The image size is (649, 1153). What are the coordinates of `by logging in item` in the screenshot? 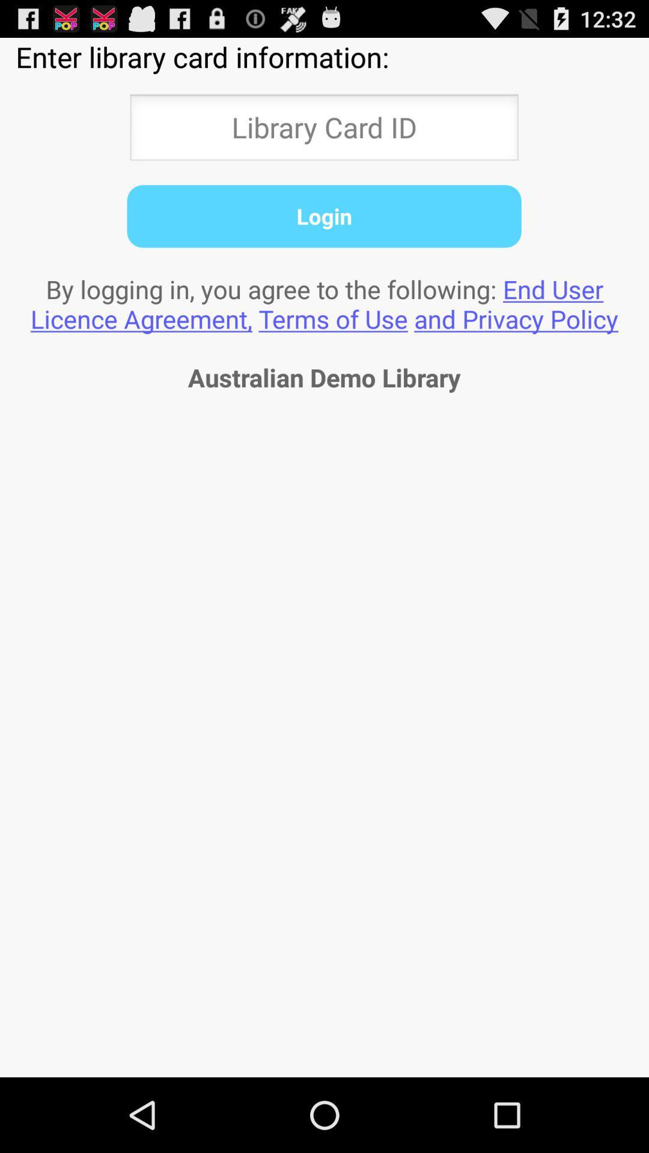 It's located at (324, 304).